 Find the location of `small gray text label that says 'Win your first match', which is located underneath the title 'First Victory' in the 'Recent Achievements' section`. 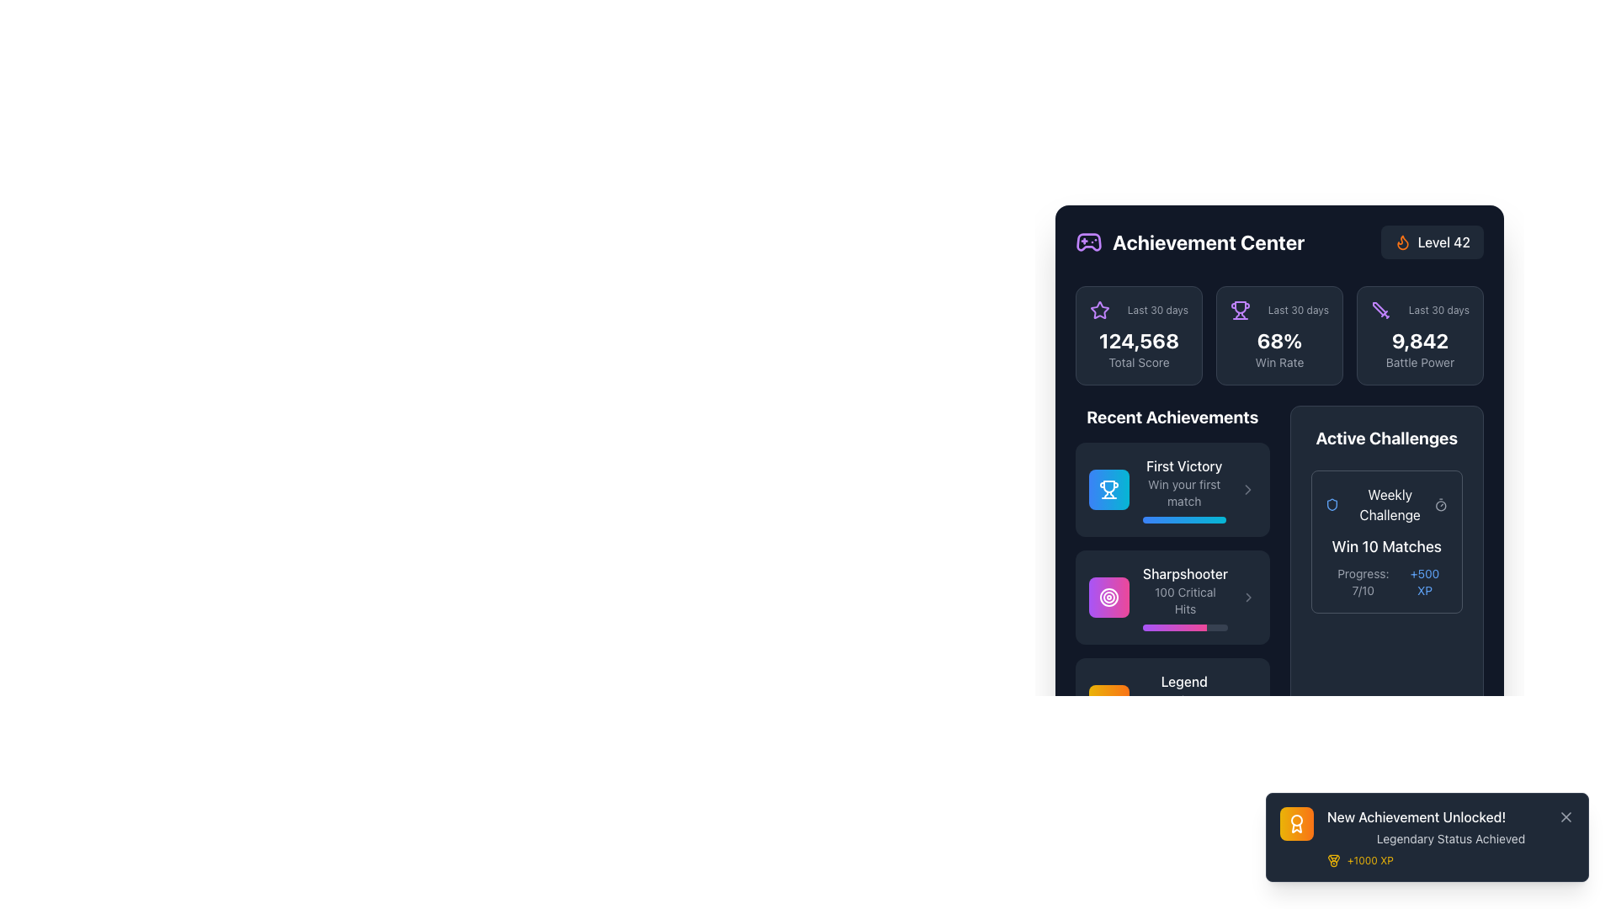

small gray text label that says 'Win your first match', which is located underneath the title 'First Victory' in the 'Recent Achievements' section is located at coordinates (1183, 492).